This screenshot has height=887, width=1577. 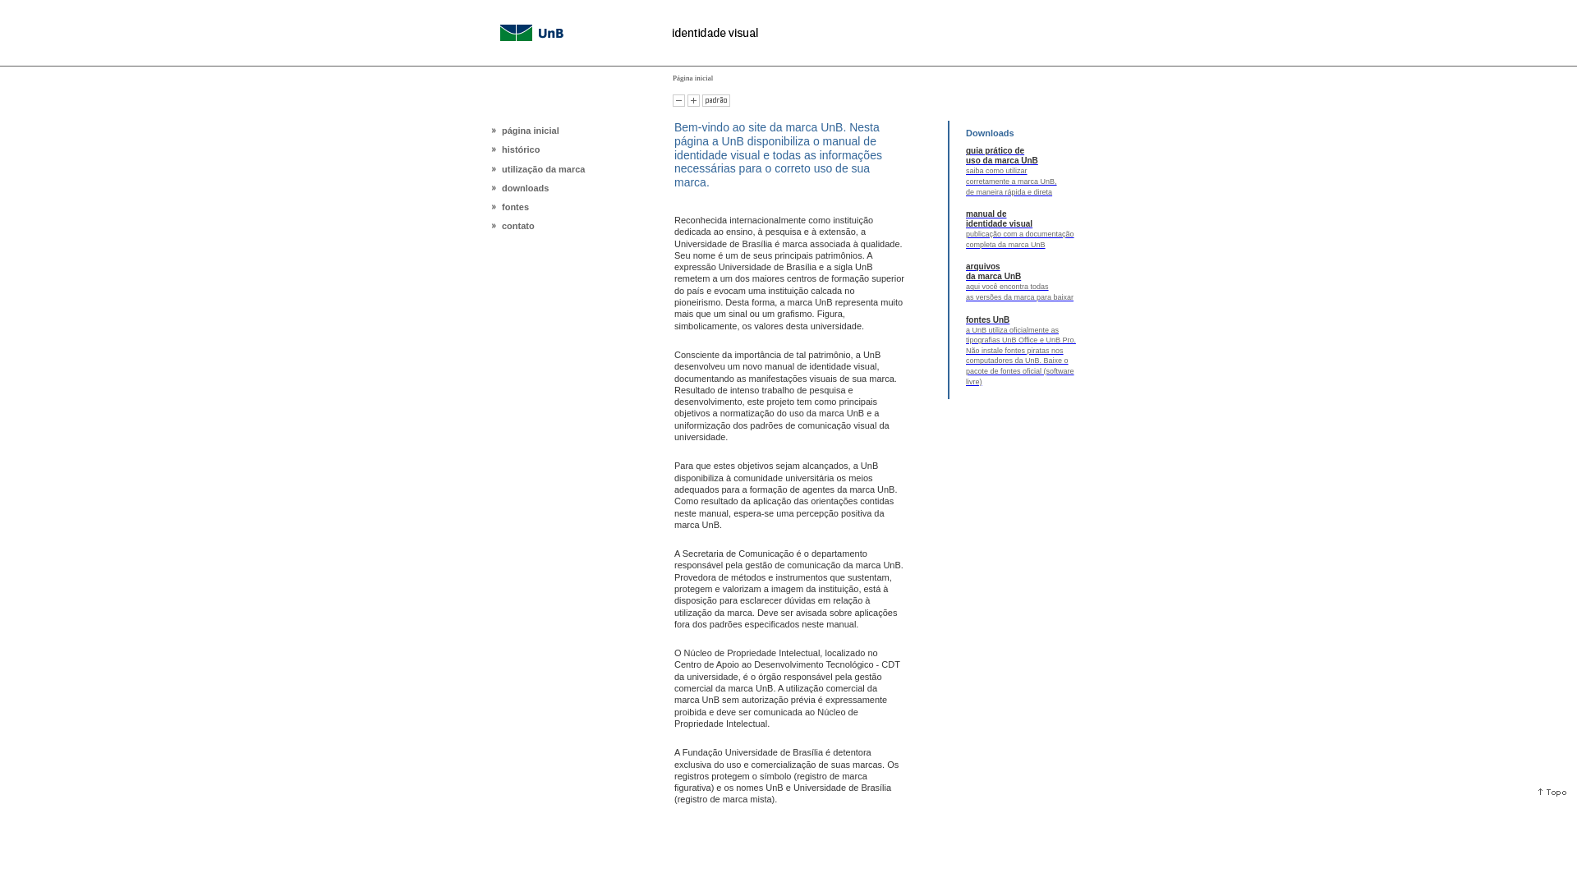 What do you see at coordinates (547, 205) in the screenshot?
I see `'fontes'` at bounding box center [547, 205].